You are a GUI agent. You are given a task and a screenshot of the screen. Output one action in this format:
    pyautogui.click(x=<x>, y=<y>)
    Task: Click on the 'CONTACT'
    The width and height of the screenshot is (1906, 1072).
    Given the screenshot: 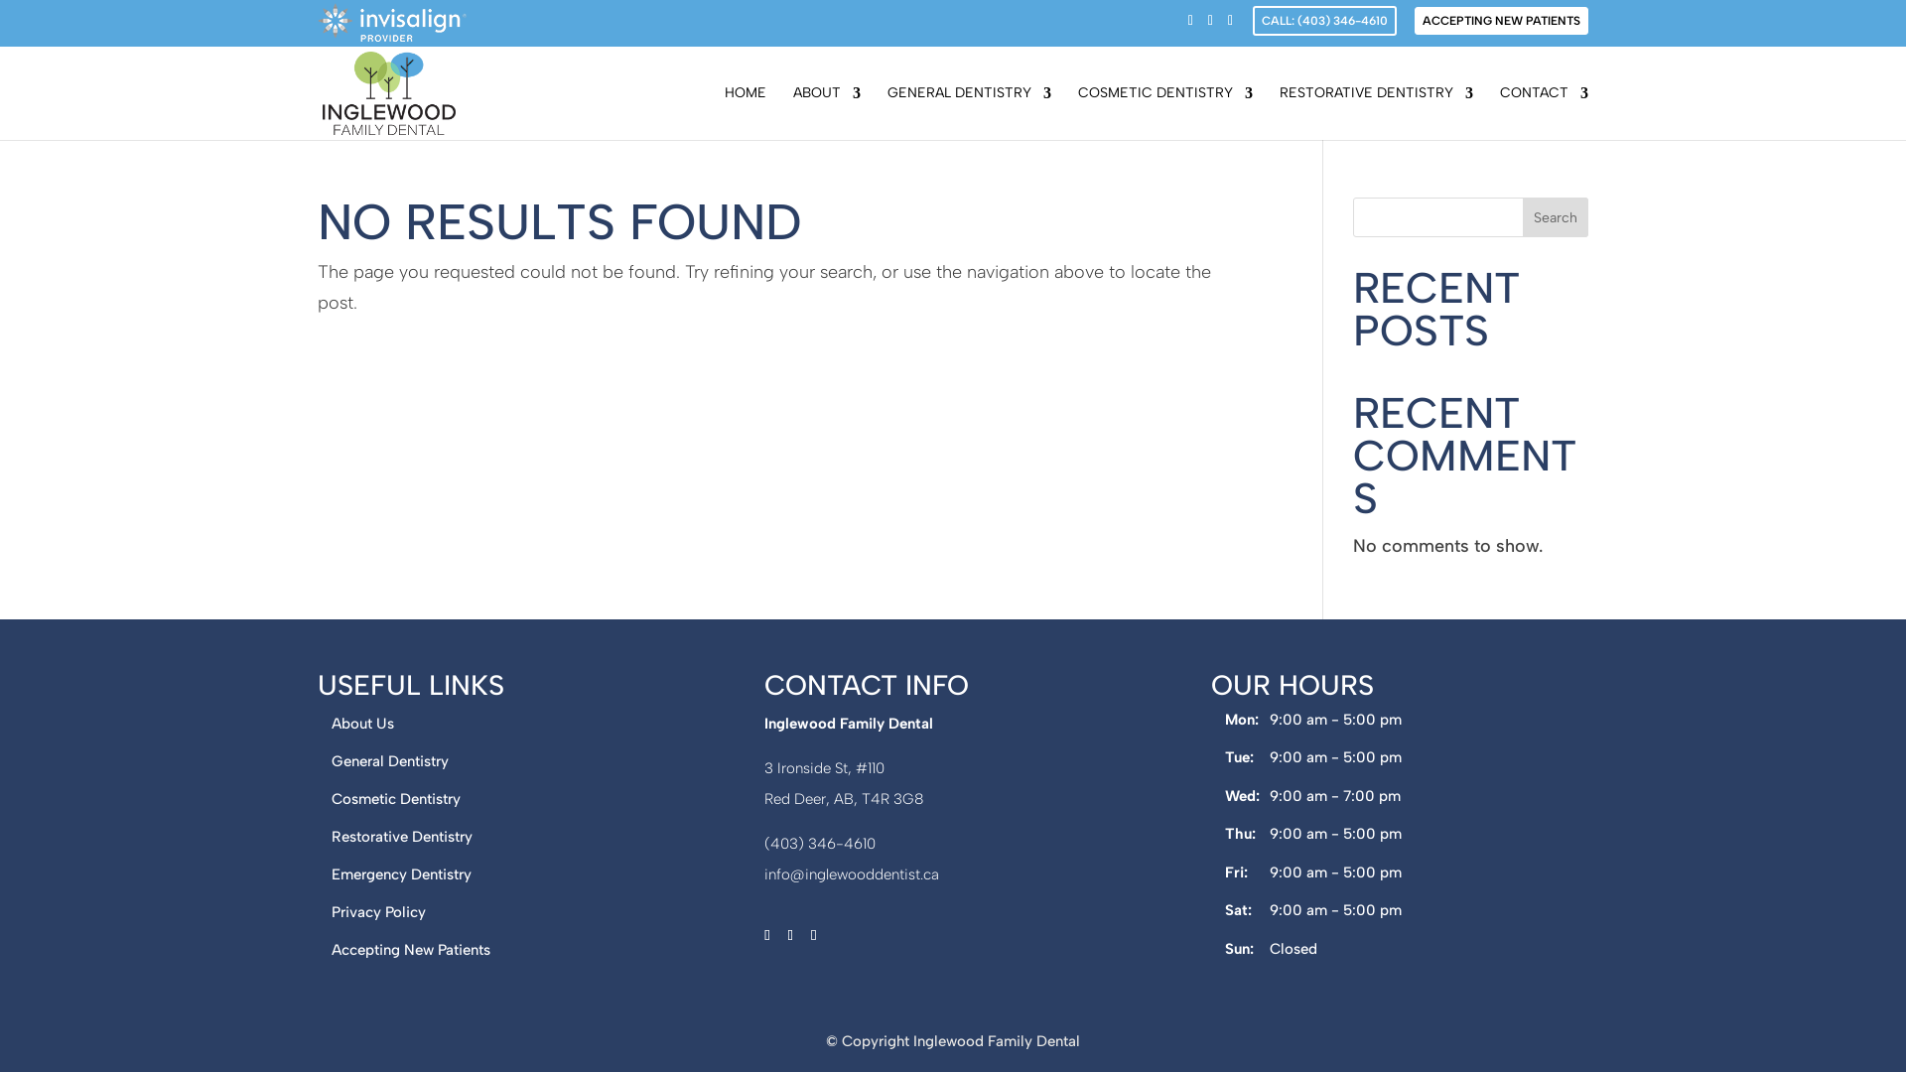 What is the action you would take?
    pyautogui.click(x=1543, y=113)
    